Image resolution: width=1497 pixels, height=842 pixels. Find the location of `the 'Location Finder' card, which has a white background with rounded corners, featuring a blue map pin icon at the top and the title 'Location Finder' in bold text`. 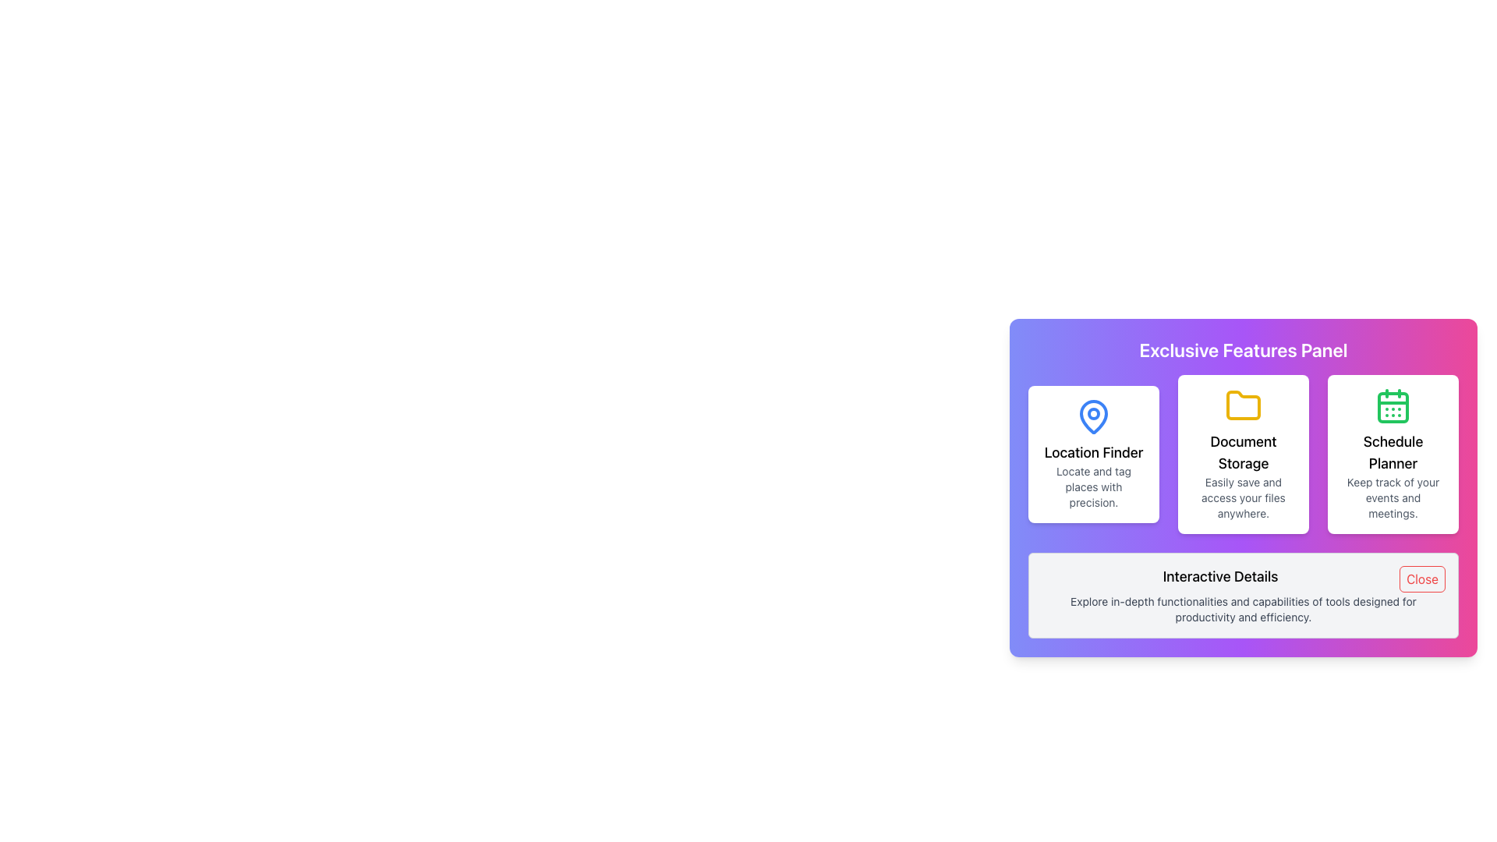

the 'Location Finder' card, which has a white background with rounded corners, featuring a blue map pin icon at the top and the title 'Location Finder' in bold text is located at coordinates (1092, 454).